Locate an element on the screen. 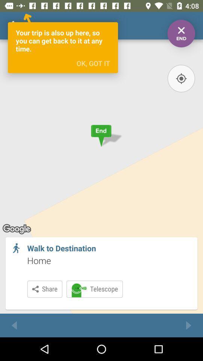 This screenshot has height=361, width=203. the location_crosshair icon is located at coordinates (181, 78).